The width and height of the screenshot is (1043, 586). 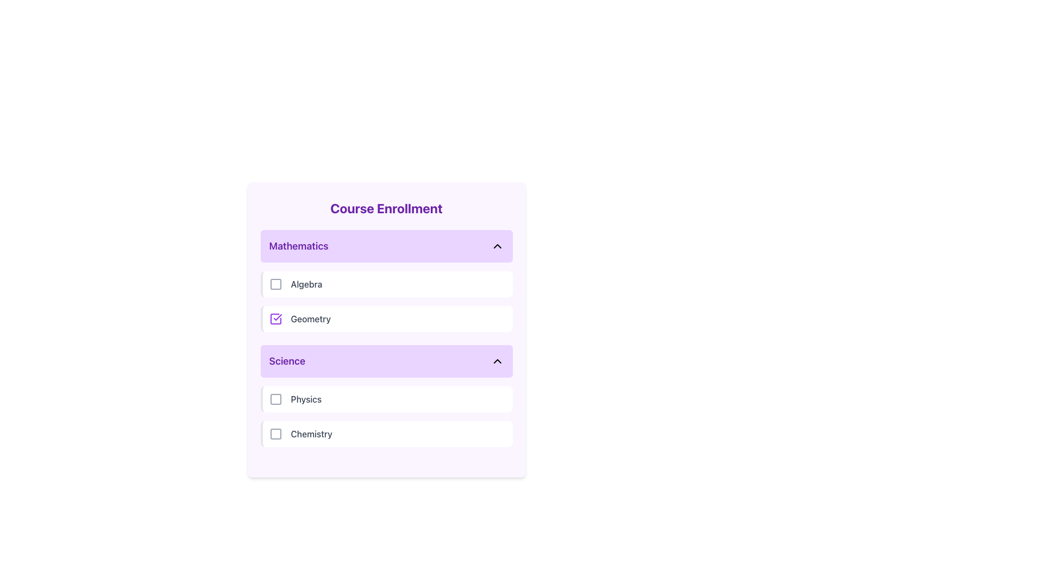 What do you see at coordinates (275, 399) in the screenshot?
I see `the checkbox for the 'Physics' course` at bounding box center [275, 399].